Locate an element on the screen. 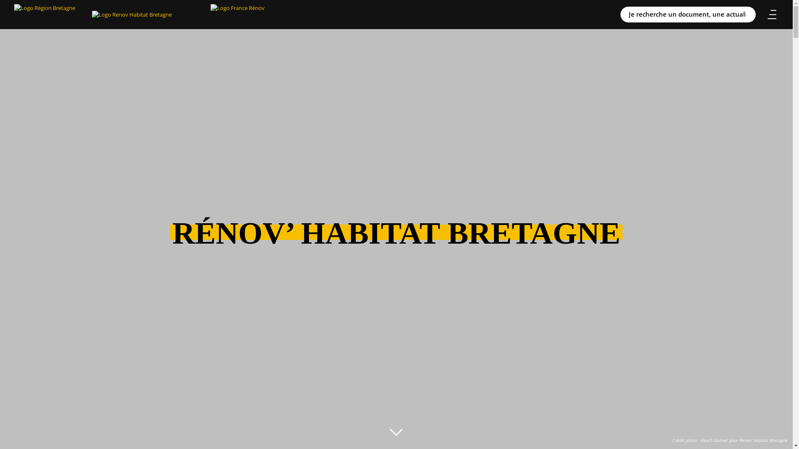  'Menu' is located at coordinates (771, 14).